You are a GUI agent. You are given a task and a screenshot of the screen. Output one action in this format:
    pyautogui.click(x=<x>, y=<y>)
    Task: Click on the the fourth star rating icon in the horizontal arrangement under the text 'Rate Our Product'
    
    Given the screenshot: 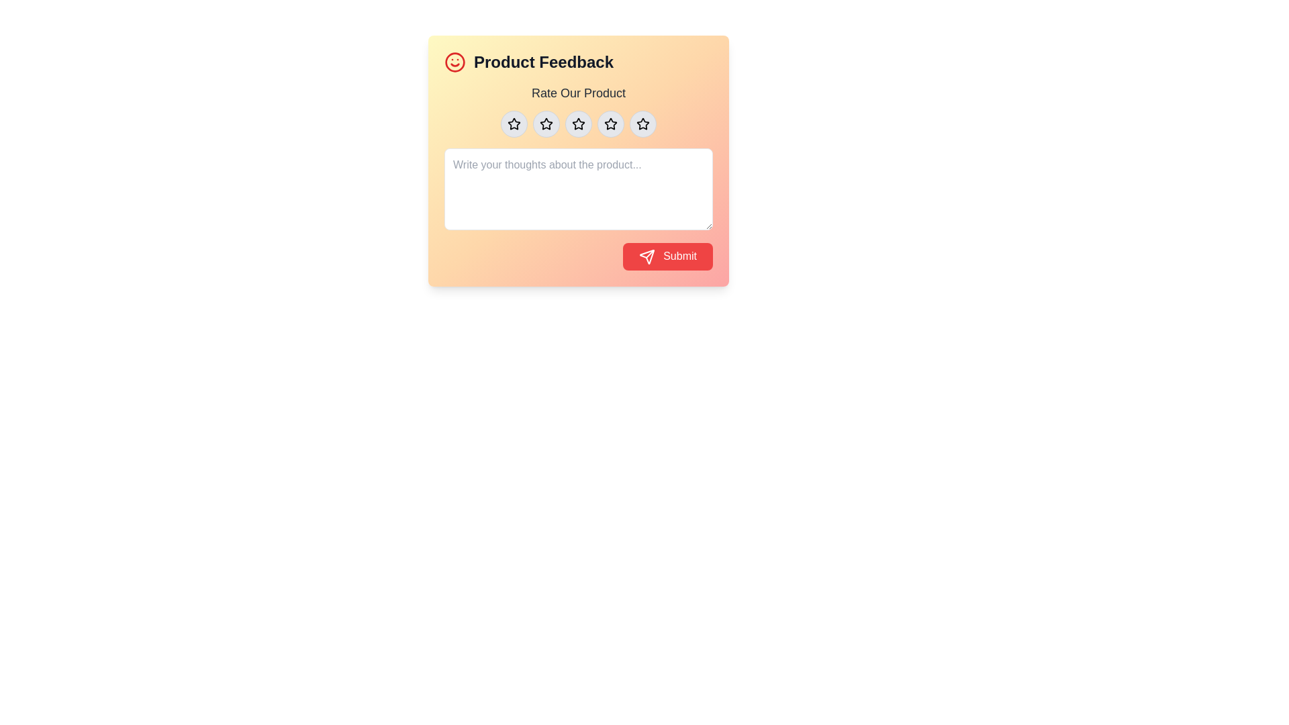 What is the action you would take?
    pyautogui.click(x=610, y=124)
    